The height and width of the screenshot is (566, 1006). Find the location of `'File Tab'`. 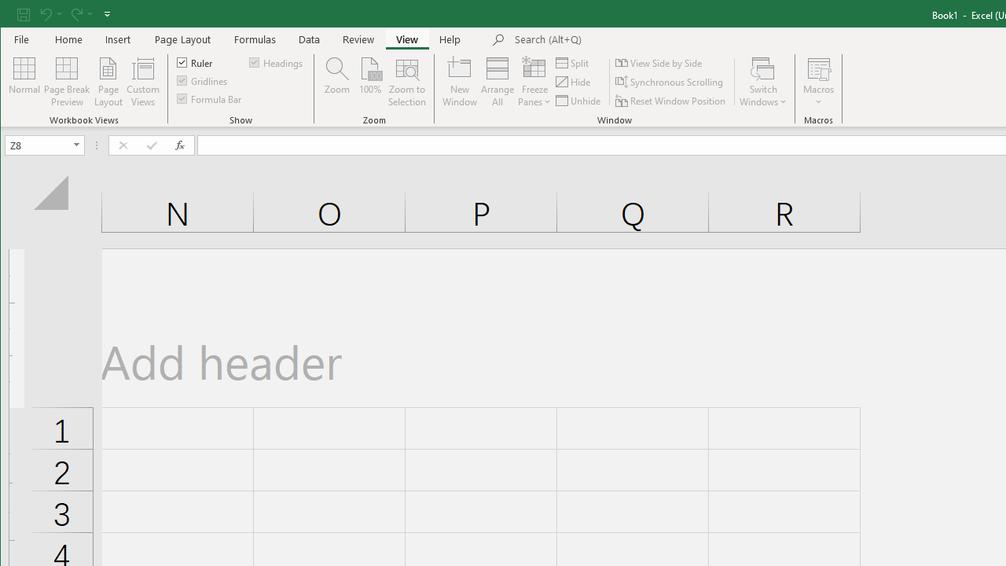

'File Tab' is located at coordinates (22, 39).